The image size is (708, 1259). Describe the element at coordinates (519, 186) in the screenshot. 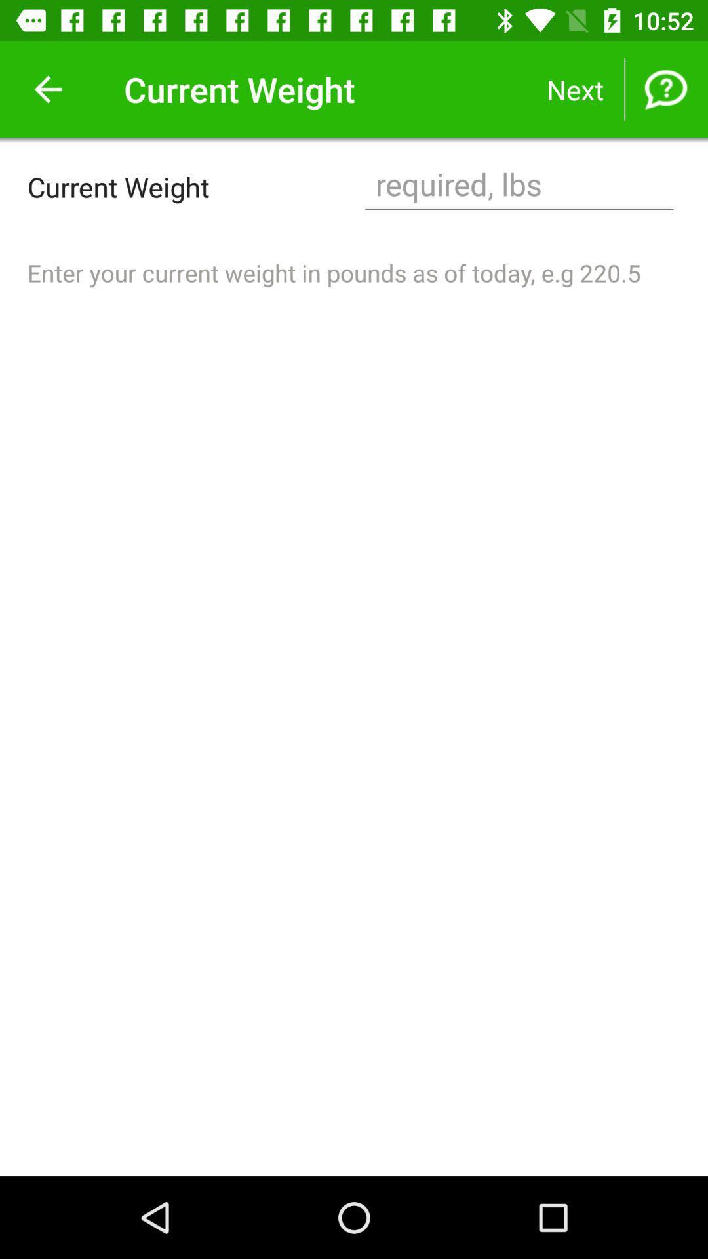

I see `icon to the right of current weight item` at that location.